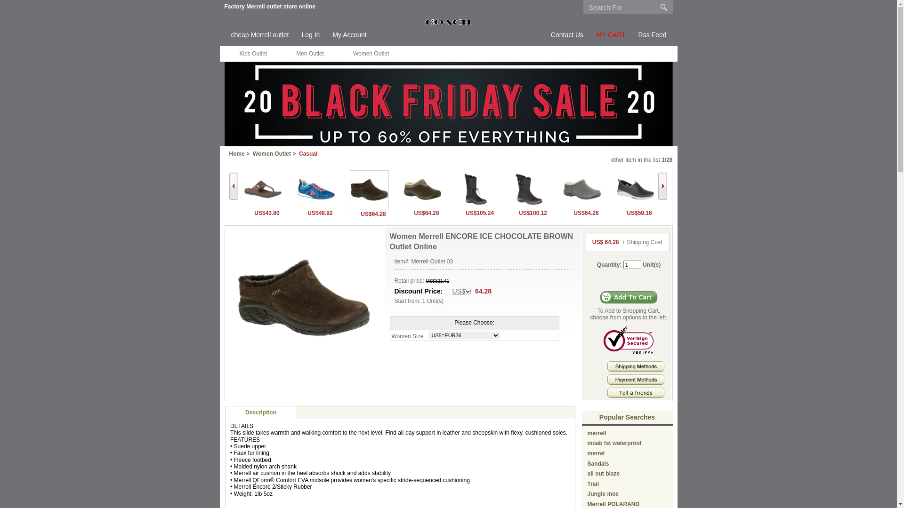 Image resolution: width=904 pixels, height=508 pixels. I want to click on 'Home', so click(236, 153).